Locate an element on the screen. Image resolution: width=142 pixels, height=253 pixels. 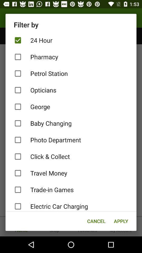
the icon above the trade-in games icon is located at coordinates (71, 173).